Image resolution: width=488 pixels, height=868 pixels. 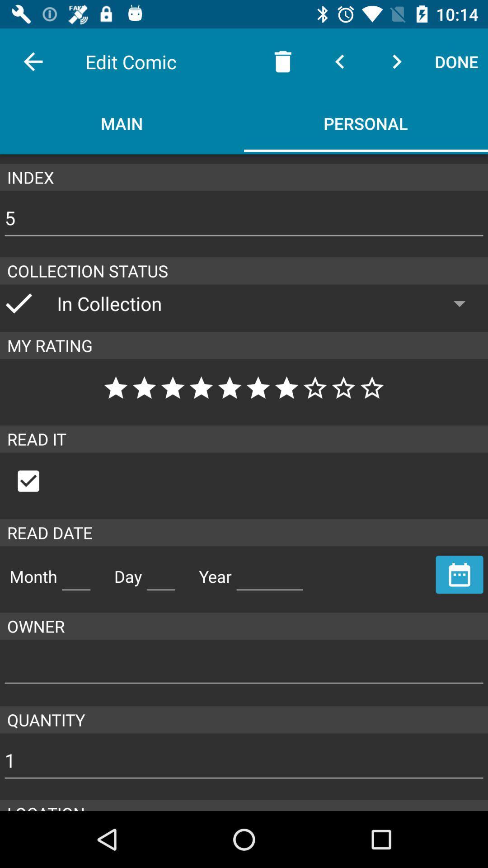 What do you see at coordinates (460, 574) in the screenshot?
I see `calendar` at bounding box center [460, 574].